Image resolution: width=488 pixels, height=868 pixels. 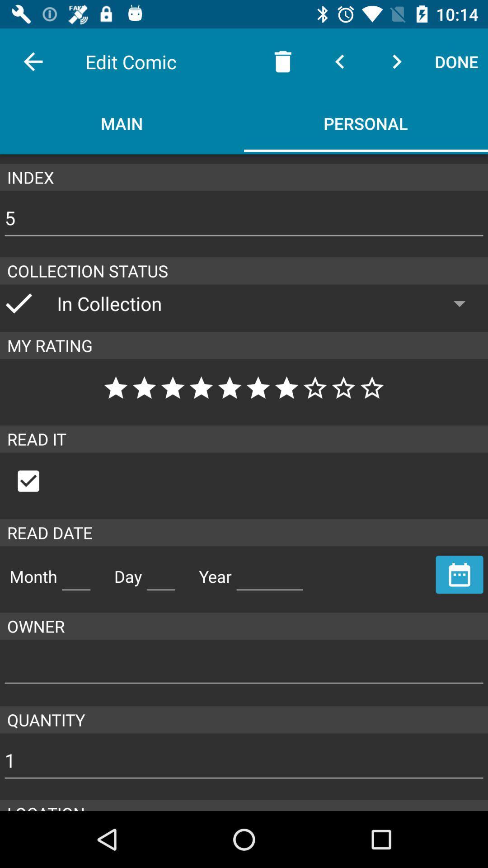 What do you see at coordinates (460, 574) in the screenshot?
I see `calendar` at bounding box center [460, 574].